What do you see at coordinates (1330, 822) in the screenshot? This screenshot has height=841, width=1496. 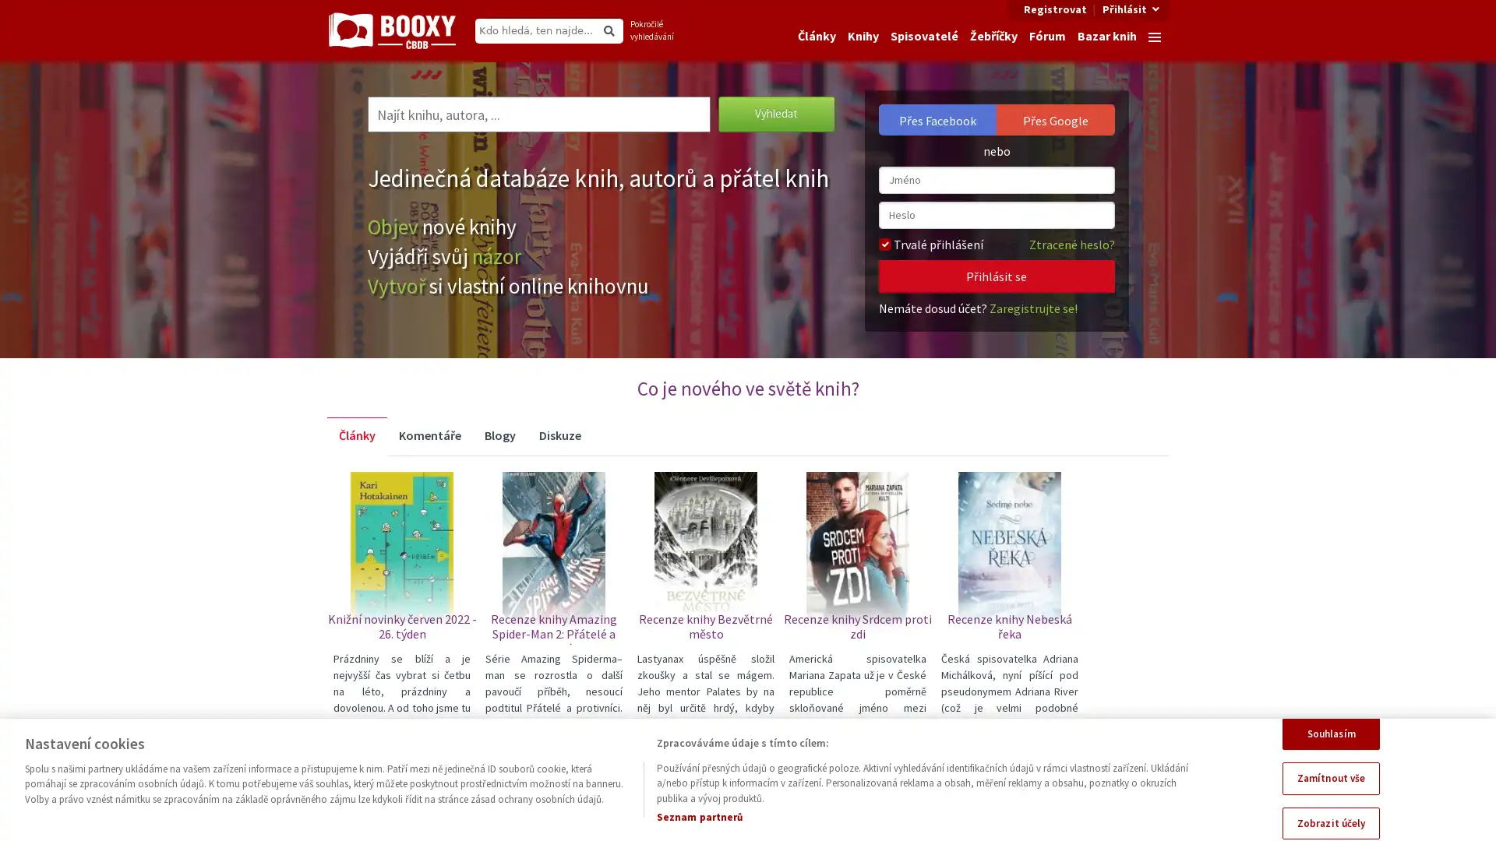 I see `Zobrazit ucely` at bounding box center [1330, 822].